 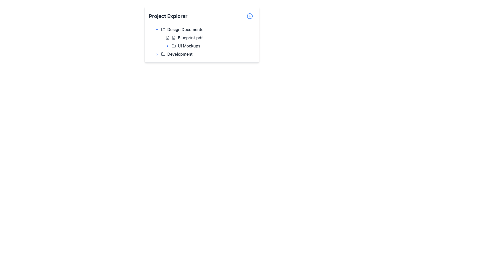 I want to click on the folder icon representing the 'Design Documents' directory in the project explorer layout, so click(x=163, y=29).